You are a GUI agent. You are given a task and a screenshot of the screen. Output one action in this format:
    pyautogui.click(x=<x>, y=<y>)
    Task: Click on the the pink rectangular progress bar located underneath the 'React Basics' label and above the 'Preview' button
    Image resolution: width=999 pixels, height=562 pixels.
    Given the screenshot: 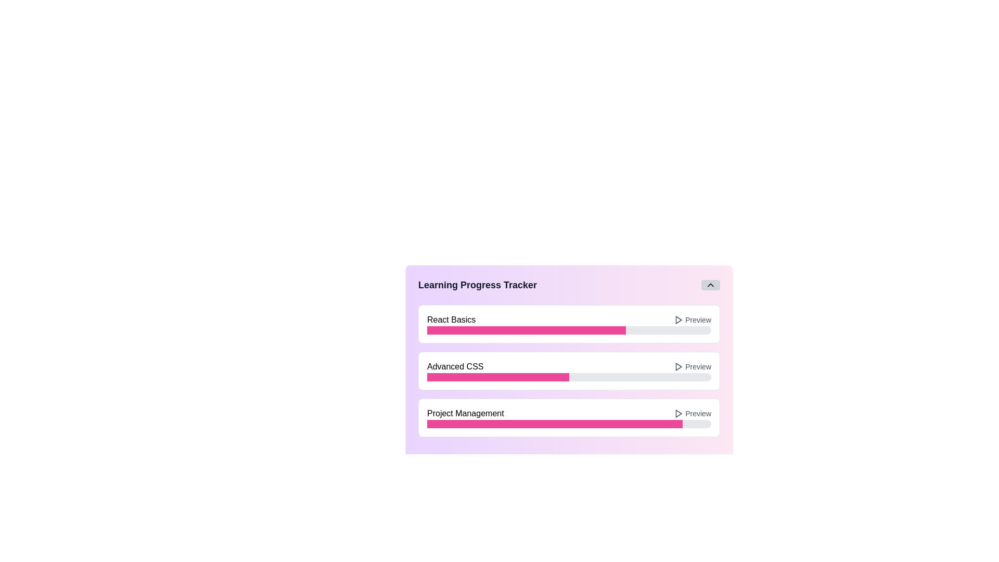 What is the action you would take?
    pyautogui.click(x=527, y=330)
    